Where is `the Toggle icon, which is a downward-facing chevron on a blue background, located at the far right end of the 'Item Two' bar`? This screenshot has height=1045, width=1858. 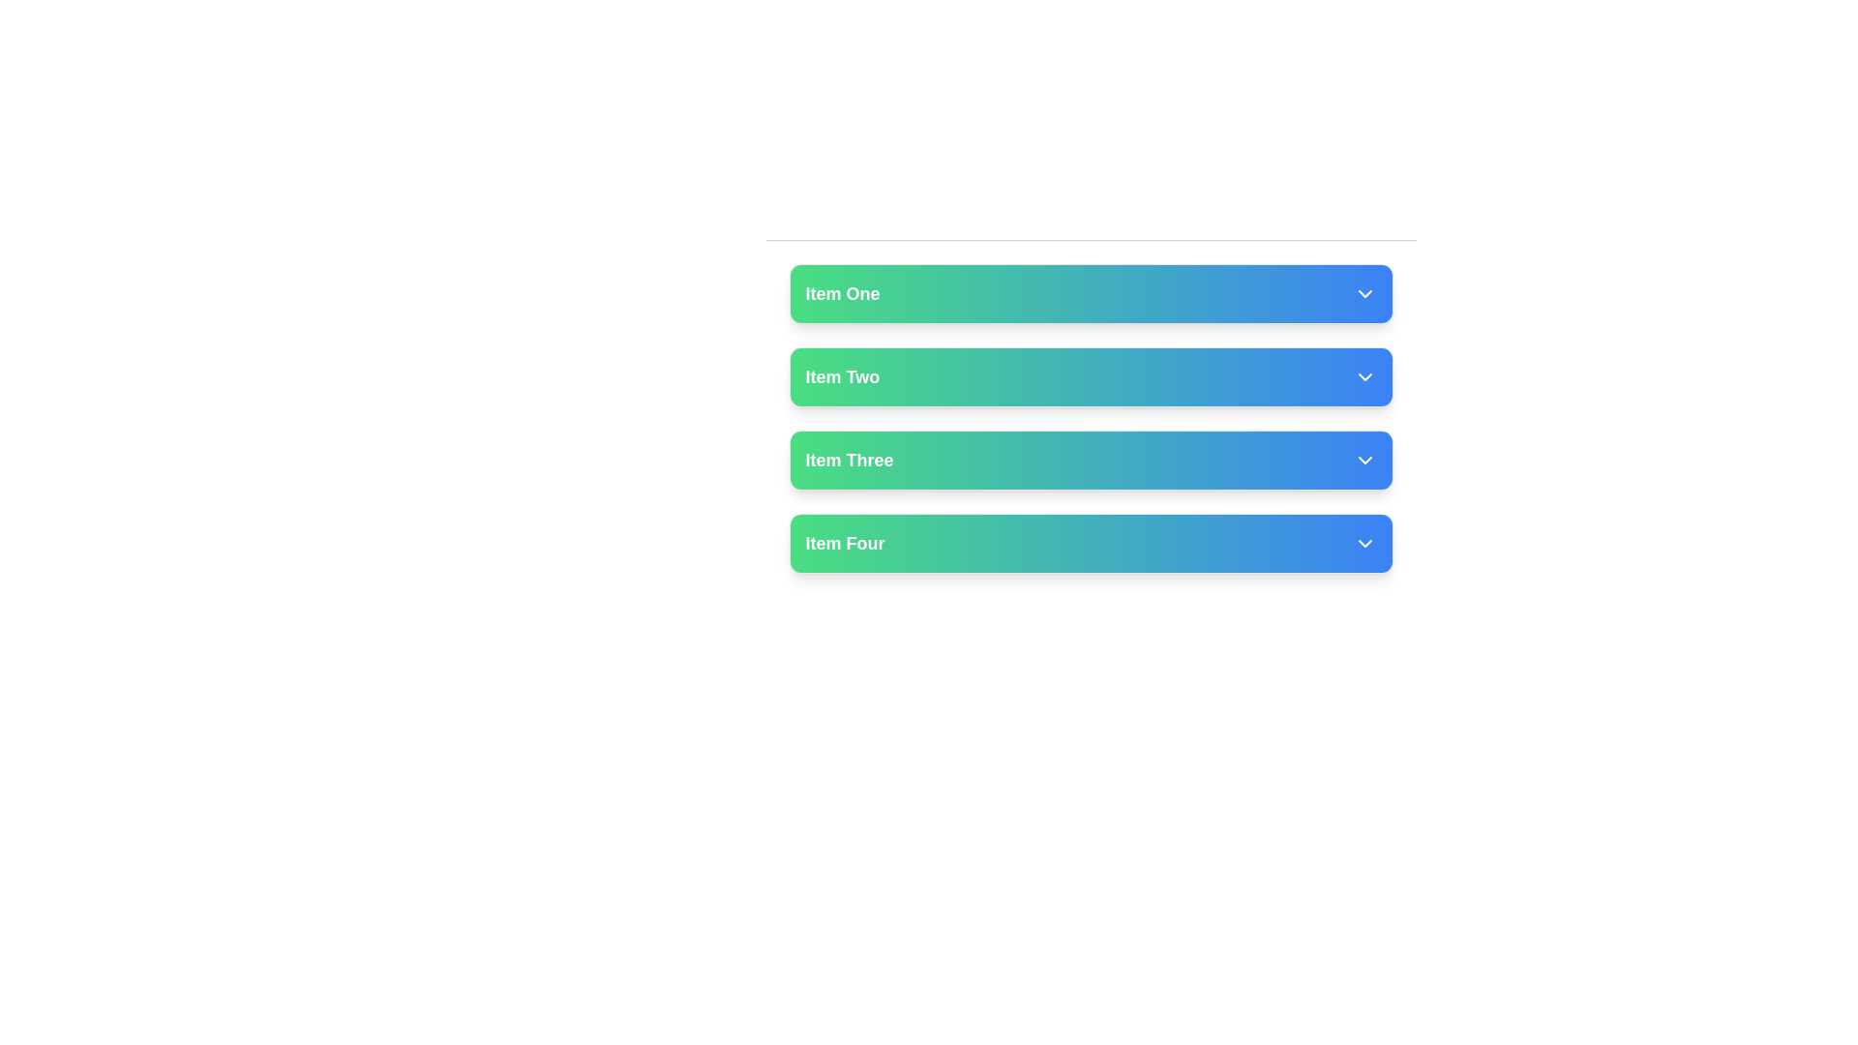
the Toggle icon, which is a downward-facing chevron on a blue background, located at the far right end of the 'Item Two' bar is located at coordinates (1364, 376).